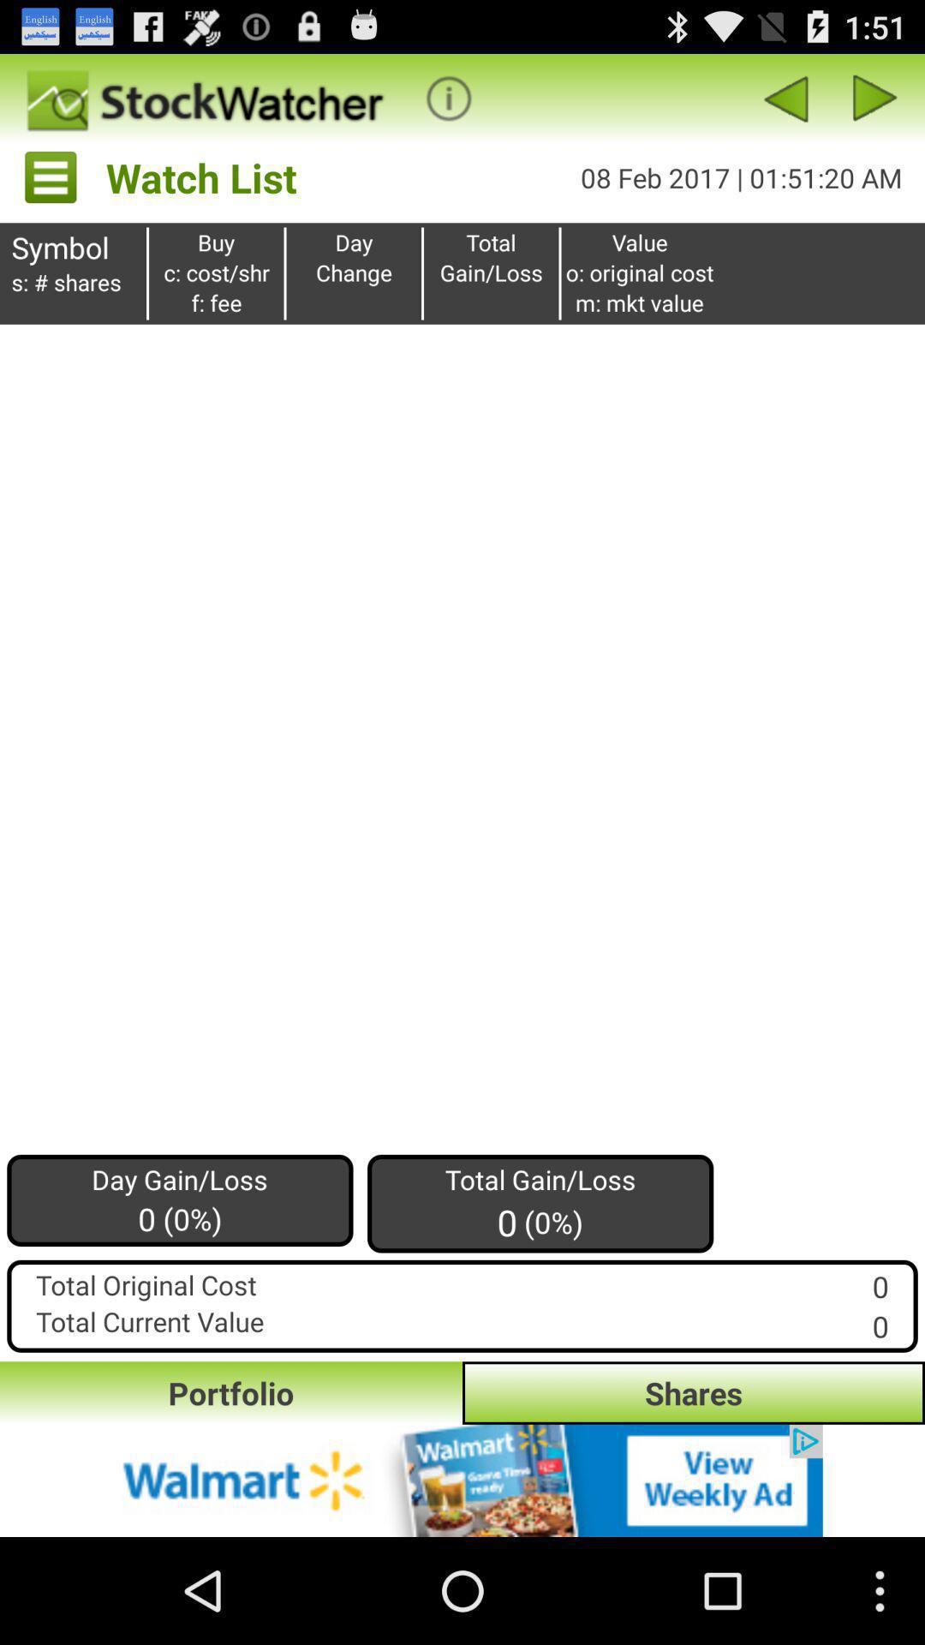 This screenshot has width=925, height=1645. What do you see at coordinates (462, 1480) in the screenshot?
I see `page` at bounding box center [462, 1480].